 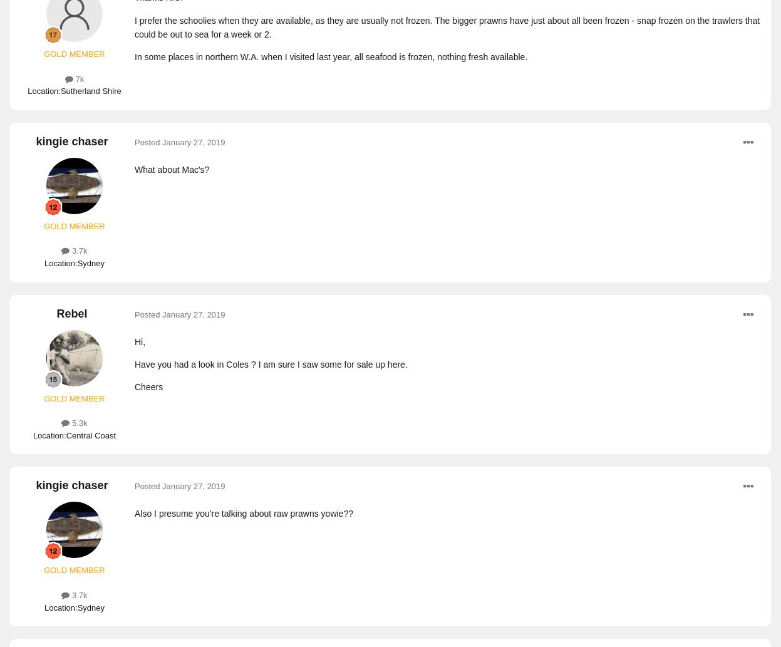 What do you see at coordinates (148, 386) in the screenshot?
I see `'Cheers'` at bounding box center [148, 386].